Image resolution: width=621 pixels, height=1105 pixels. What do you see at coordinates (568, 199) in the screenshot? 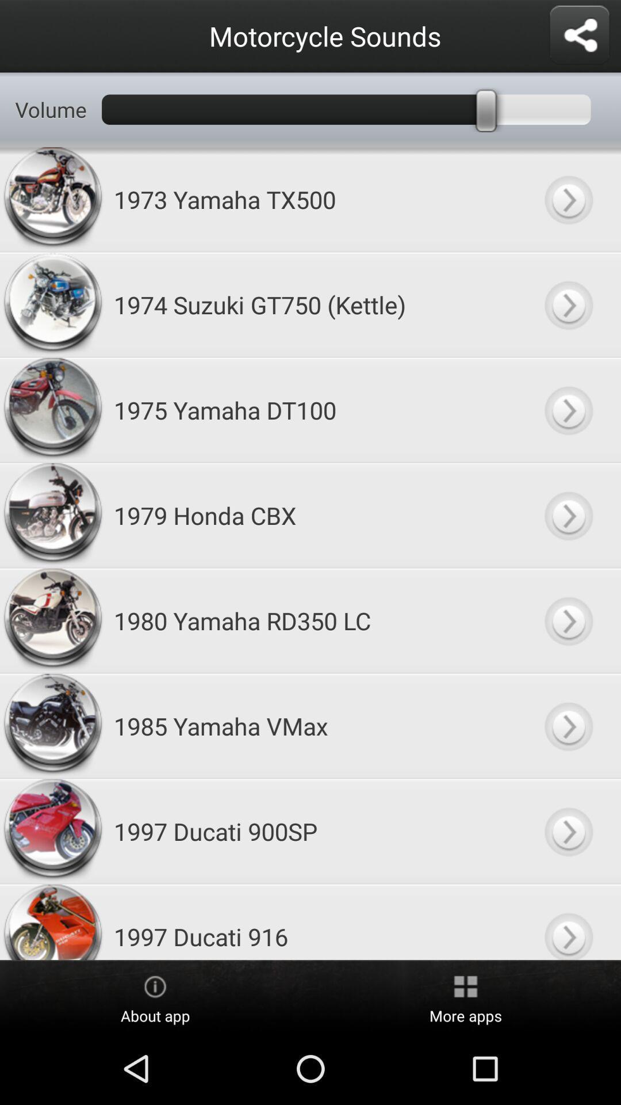
I see `motorcycle sound` at bounding box center [568, 199].